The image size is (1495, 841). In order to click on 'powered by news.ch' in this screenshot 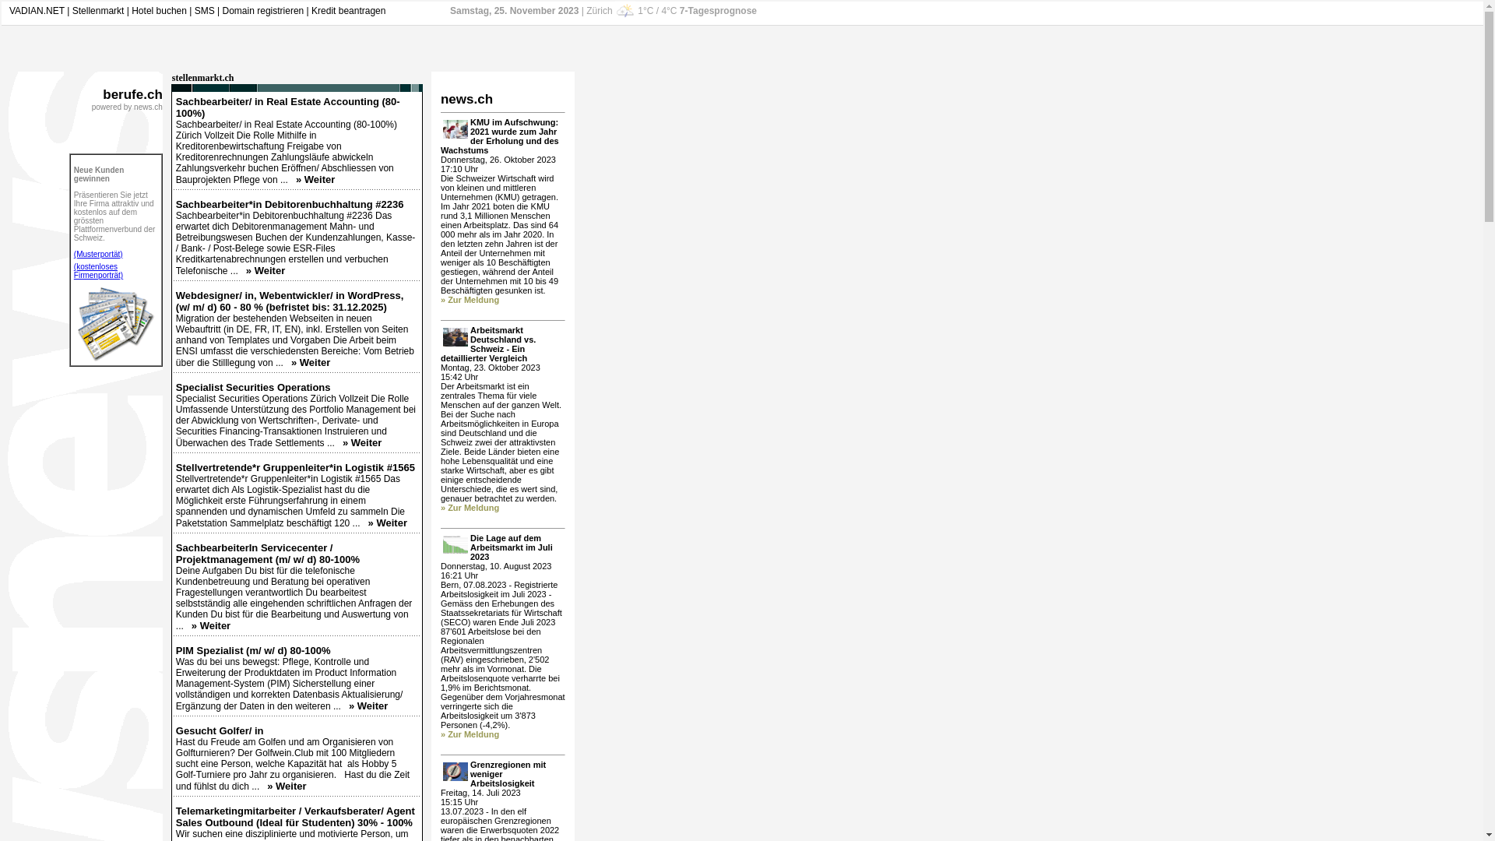, I will do `click(127, 106)`.